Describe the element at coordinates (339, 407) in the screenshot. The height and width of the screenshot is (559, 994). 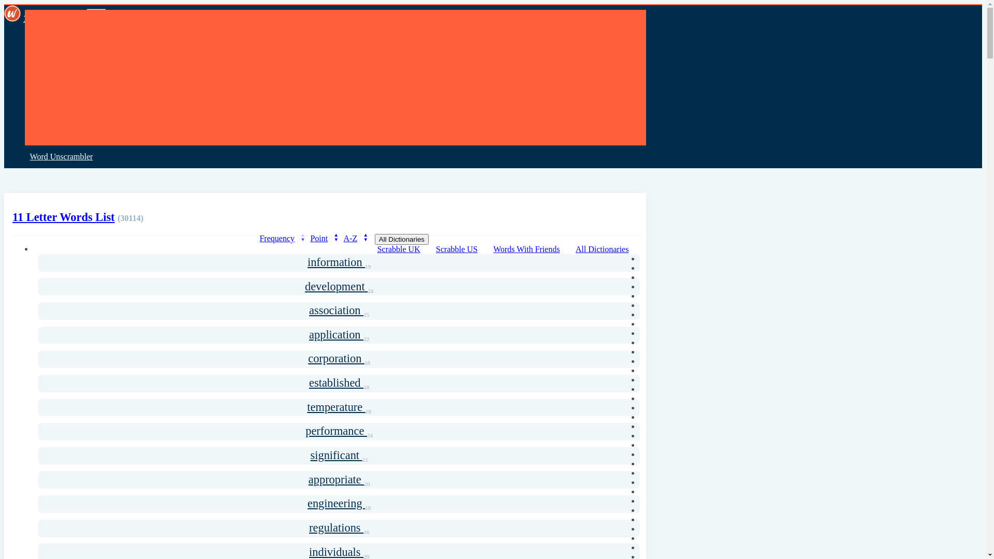
I see `'temperature 18'` at that location.